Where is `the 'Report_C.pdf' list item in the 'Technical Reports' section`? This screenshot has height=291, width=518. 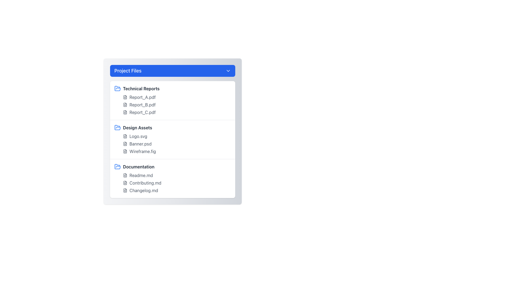
the 'Report_C.pdf' list item in the 'Technical Reports' section is located at coordinates (177, 112).